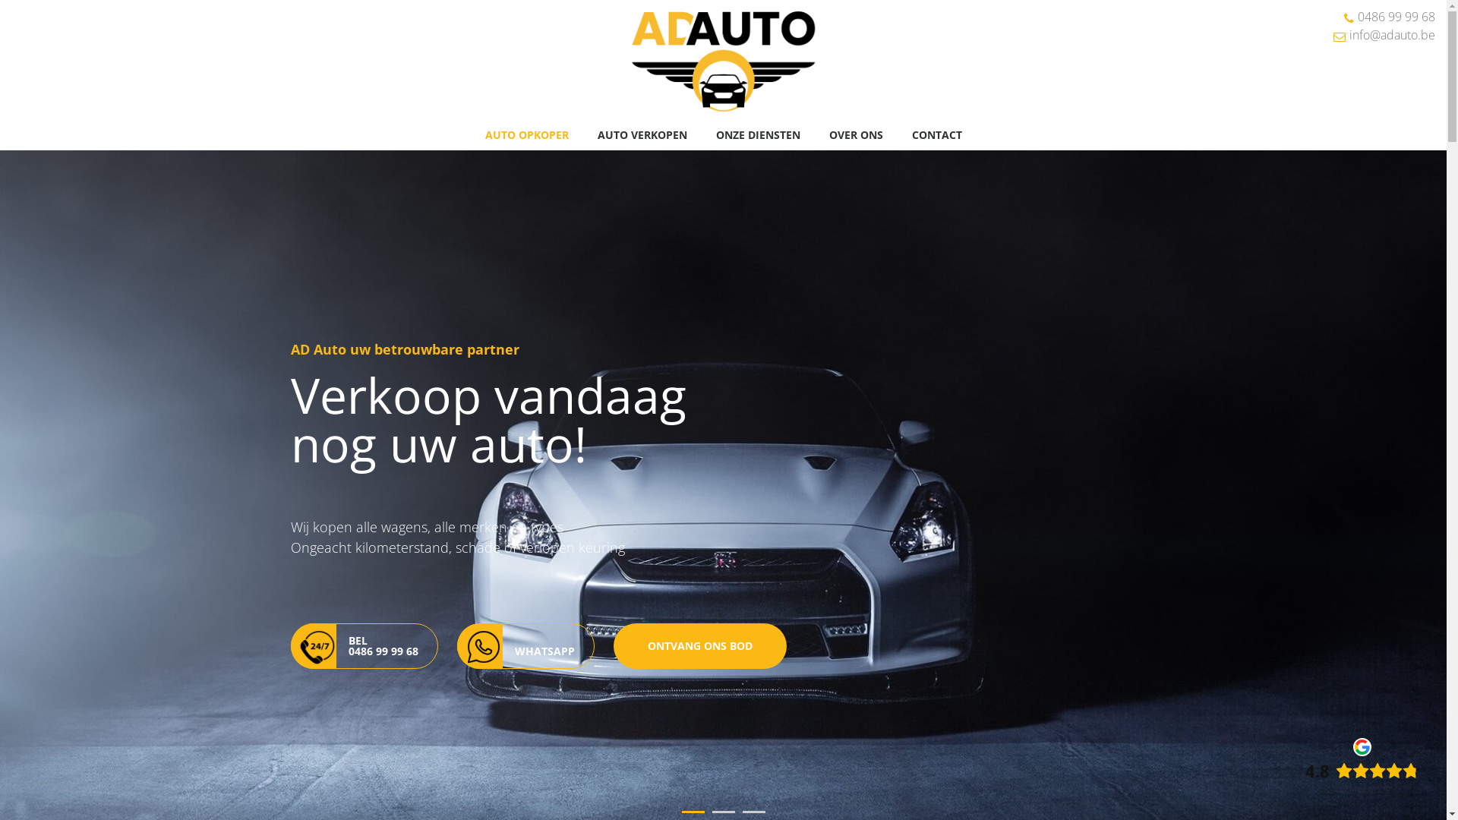 The image size is (1458, 820). What do you see at coordinates (723, 811) in the screenshot?
I see `'02'` at bounding box center [723, 811].